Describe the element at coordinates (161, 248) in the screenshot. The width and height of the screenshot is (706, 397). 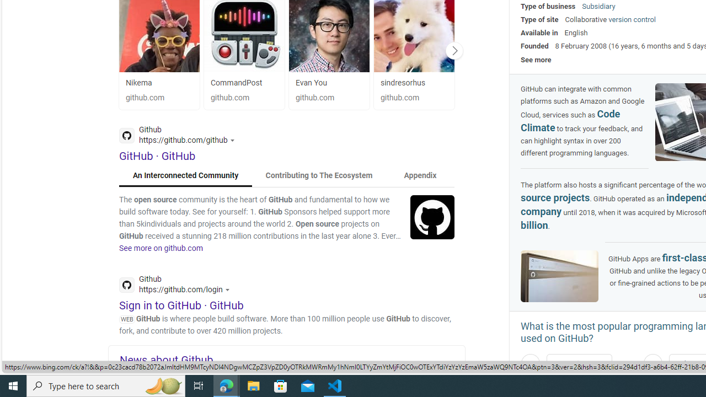
I see `'See more on github.com'` at that location.